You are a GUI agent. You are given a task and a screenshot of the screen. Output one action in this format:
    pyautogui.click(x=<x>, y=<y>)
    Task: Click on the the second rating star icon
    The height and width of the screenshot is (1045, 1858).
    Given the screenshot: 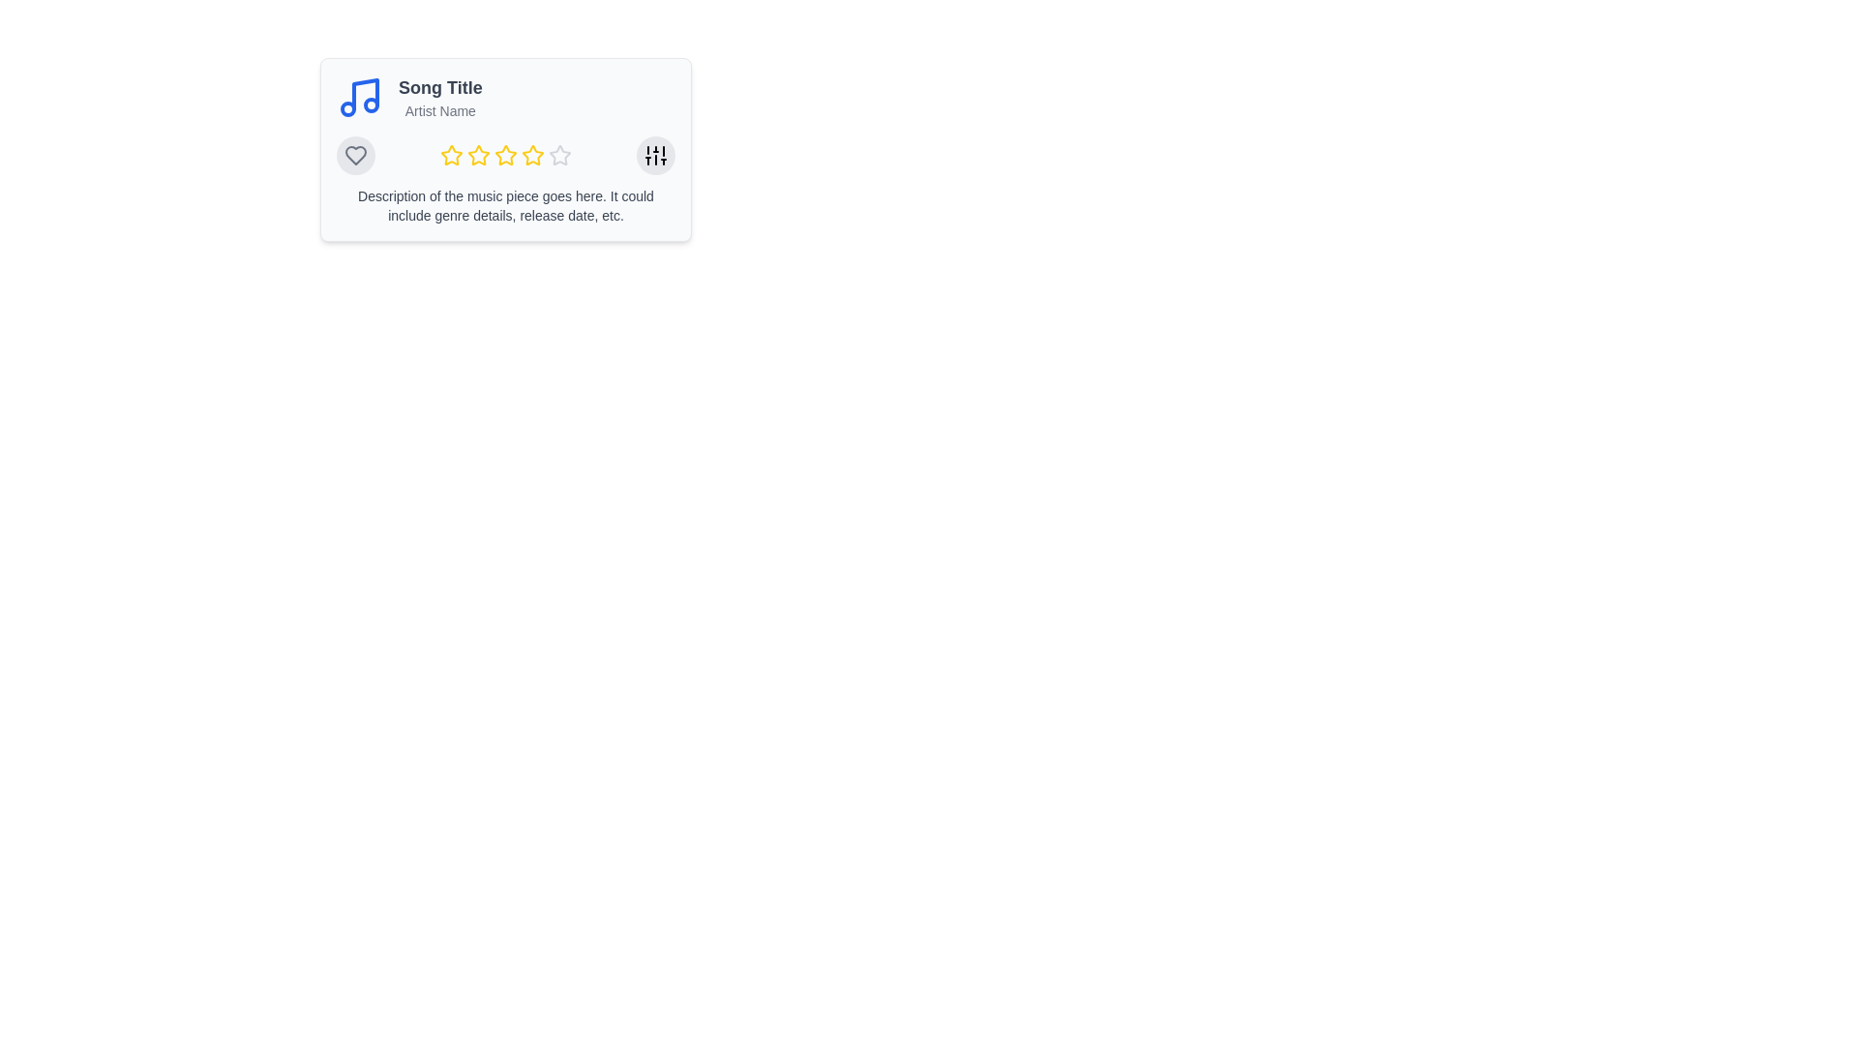 What is the action you would take?
    pyautogui.click(x=450, y=154)
    